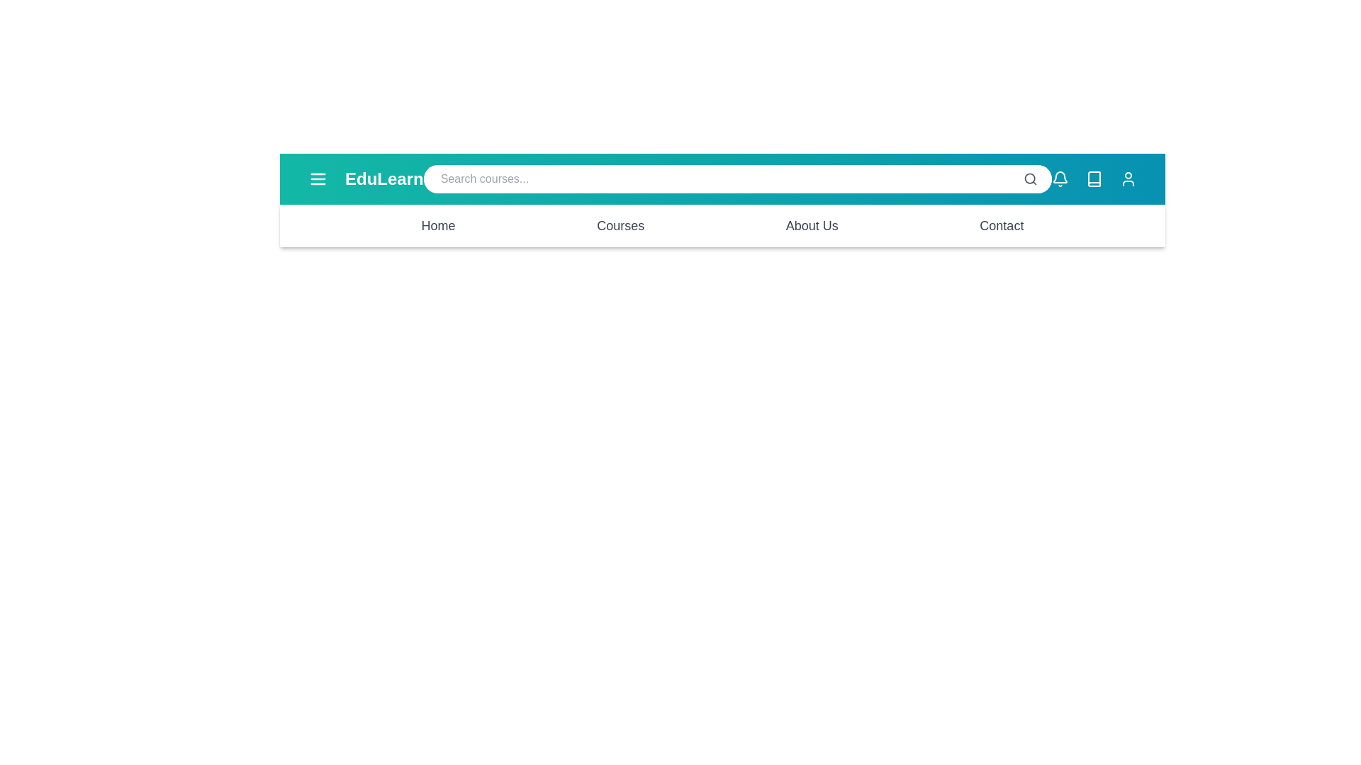 This screenshot has width=1361, height=765. What do you see at coordinates (1094, 178) in the screenshot?
I see `the book icon to navigate to the library` at bounding box center [1094, 178].